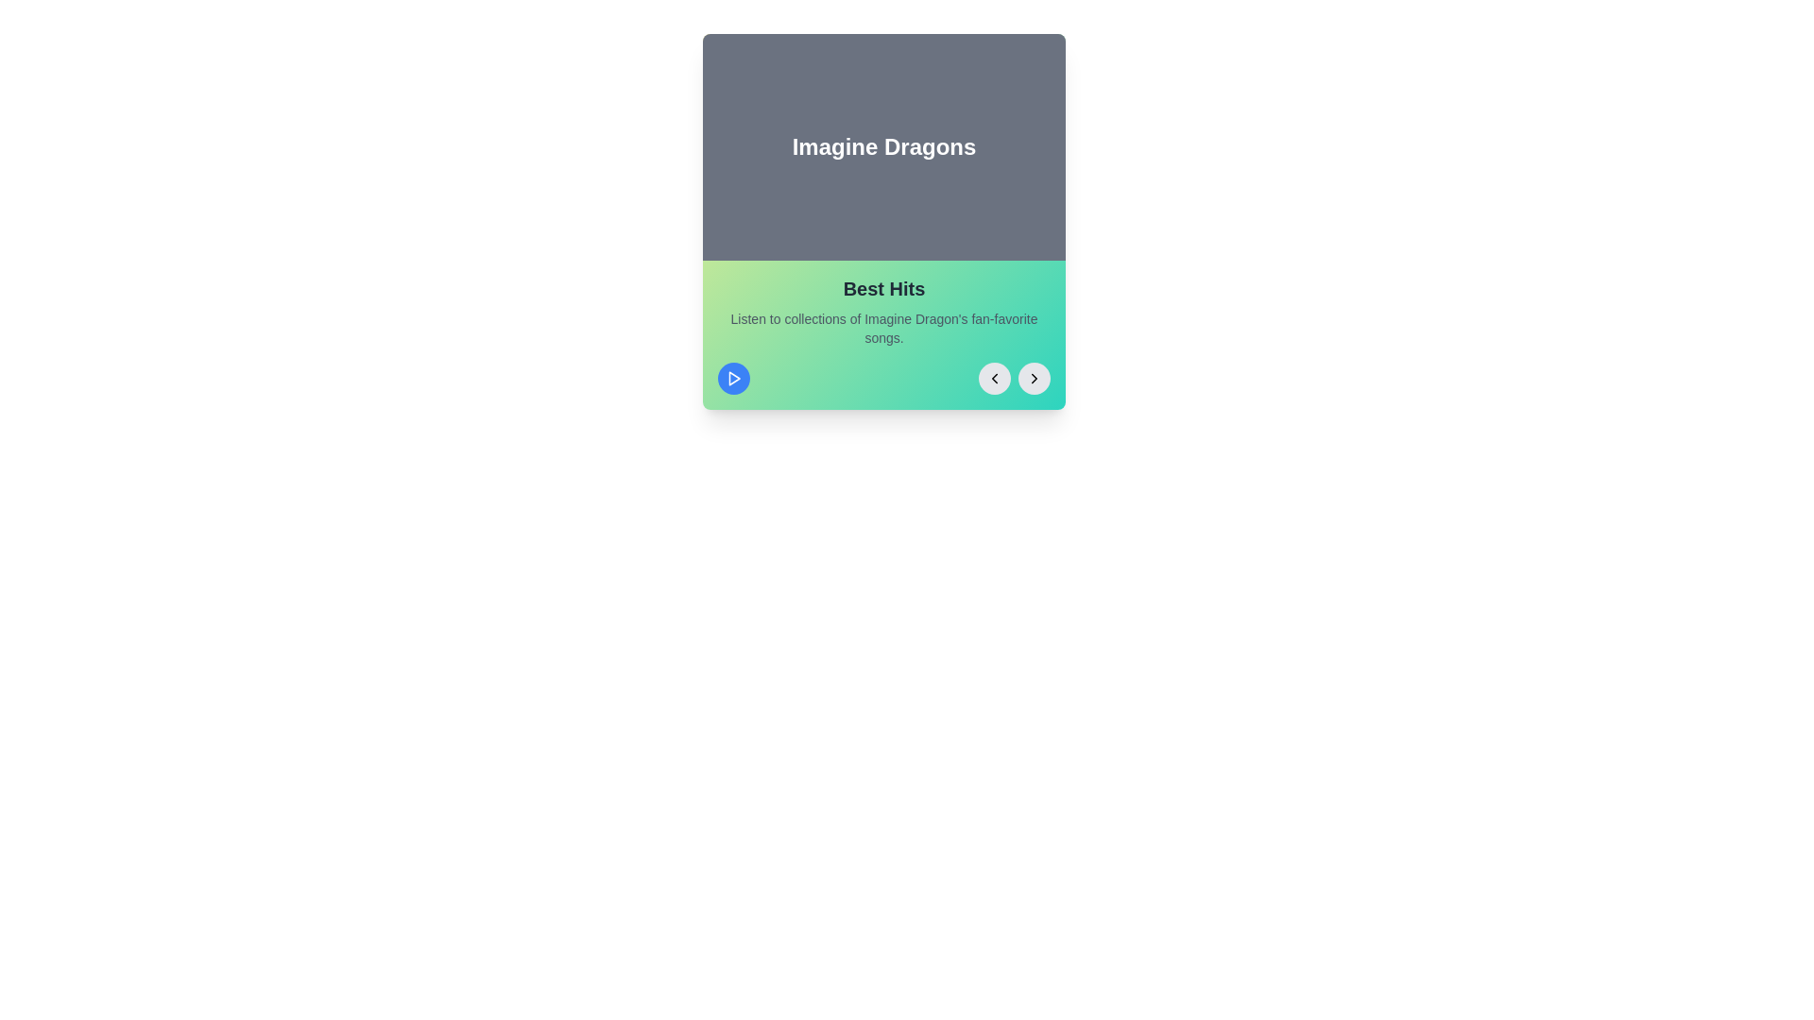 This screenshot has height=1020, width=1814. What do you see at coordinates (1033, 379) in the screenshot?
I see `the chevron-shaped icon pointing to the right, which is a thin outline style located in the bottom green section of the interface` at bounding box center [1033, 379].